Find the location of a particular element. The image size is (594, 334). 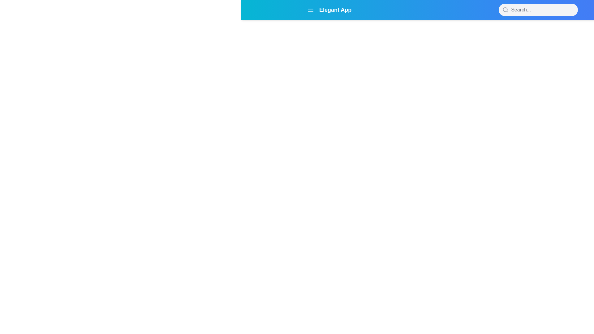

the search icon located at the left edge of the search bar, which visually indicates the search functionality is located at coordinates (506, 10).